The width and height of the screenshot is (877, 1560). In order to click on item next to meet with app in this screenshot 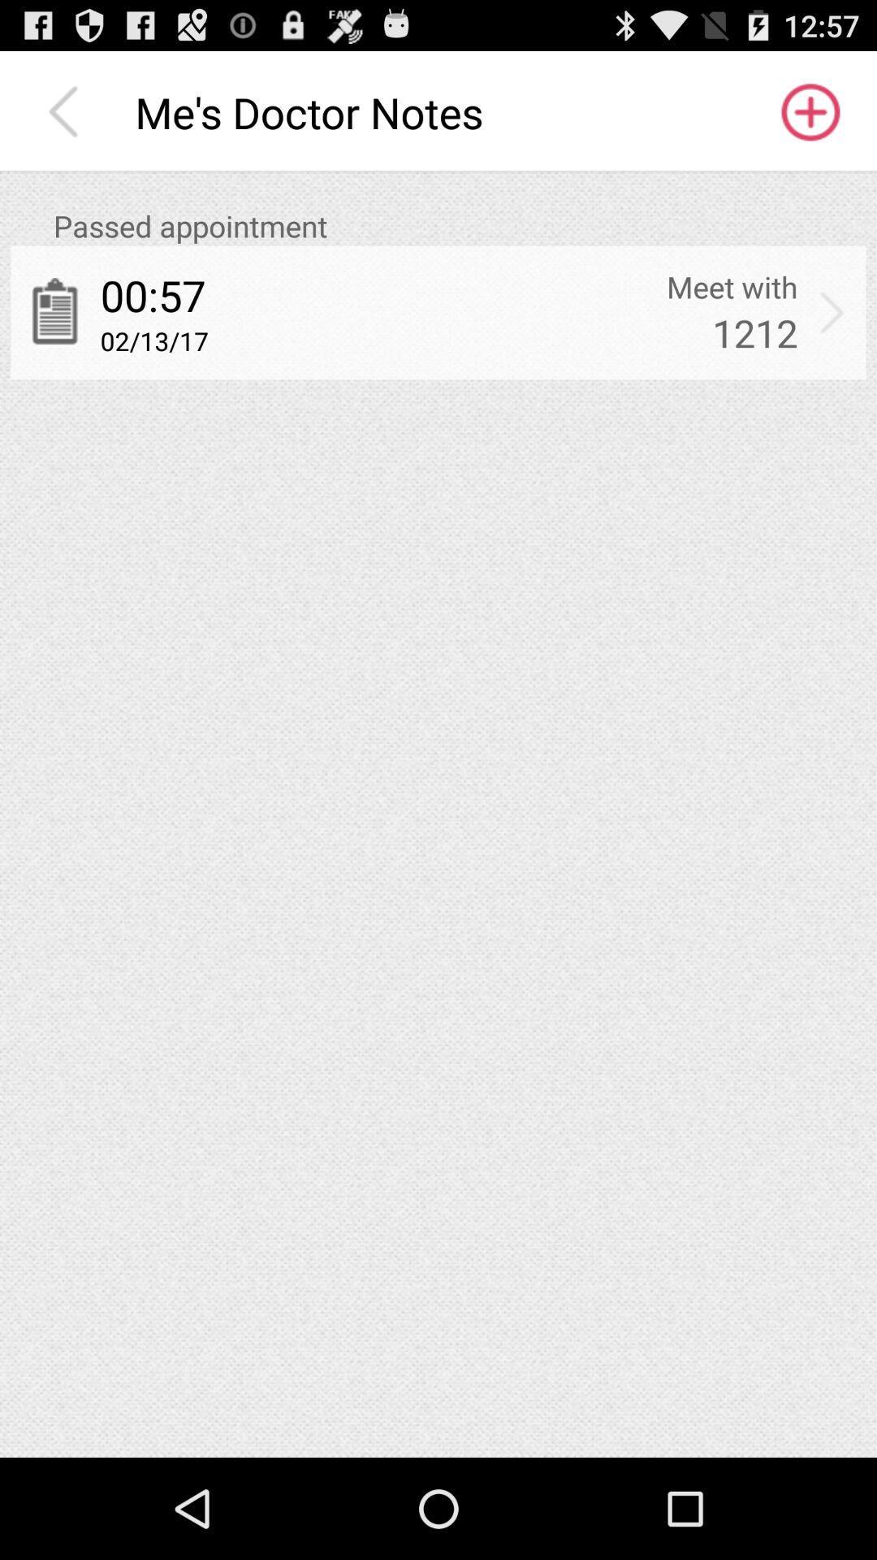, I will do `click(832, 312)`.